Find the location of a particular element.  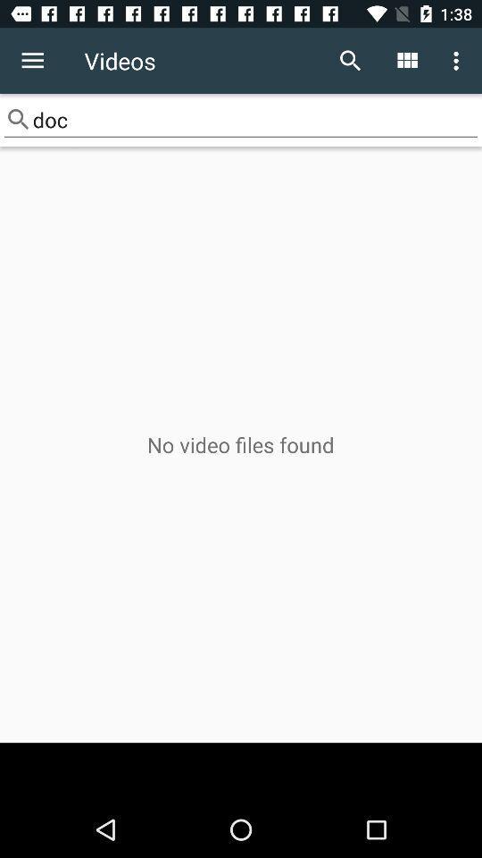

doc item is located at coordinates (241, 119).